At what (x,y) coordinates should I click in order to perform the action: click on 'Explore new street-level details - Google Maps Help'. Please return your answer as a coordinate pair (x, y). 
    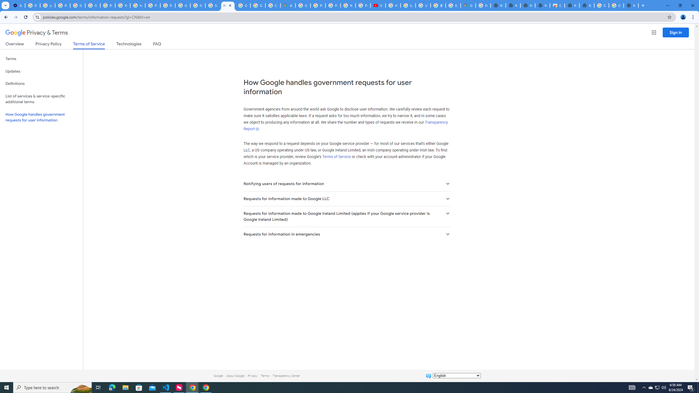
    Looking at the image, I should click on (453, 5).